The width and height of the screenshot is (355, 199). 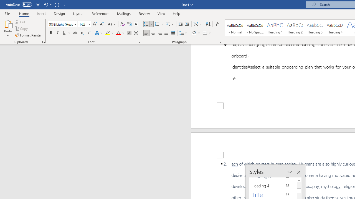 I want to click on 'Font Color', so click(x=120, y=33).